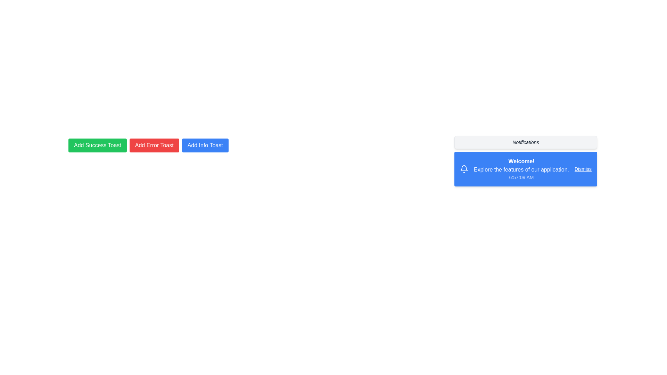 The image size is (667, 375). I want to click on the first button in the group of three, which triggers the display of a success notification or message, so click(97, 145).